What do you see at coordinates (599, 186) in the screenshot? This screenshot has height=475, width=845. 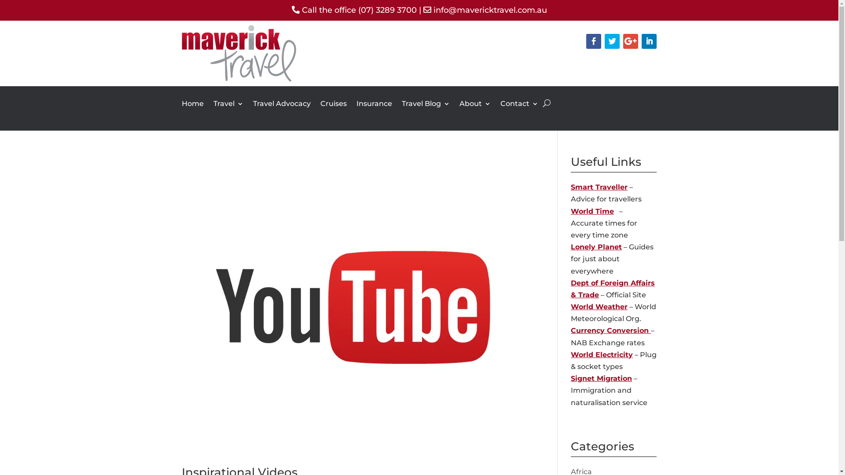 I see `'Smart Traveller'` at bounding box center [599, 186].